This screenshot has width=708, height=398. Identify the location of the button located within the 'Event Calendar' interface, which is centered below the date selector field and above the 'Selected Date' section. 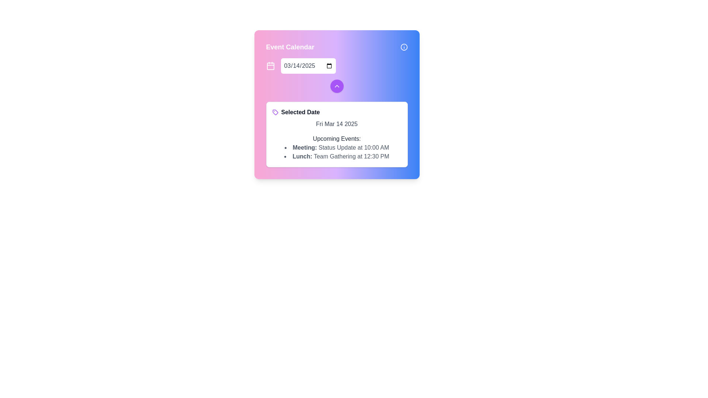
(336, 86).